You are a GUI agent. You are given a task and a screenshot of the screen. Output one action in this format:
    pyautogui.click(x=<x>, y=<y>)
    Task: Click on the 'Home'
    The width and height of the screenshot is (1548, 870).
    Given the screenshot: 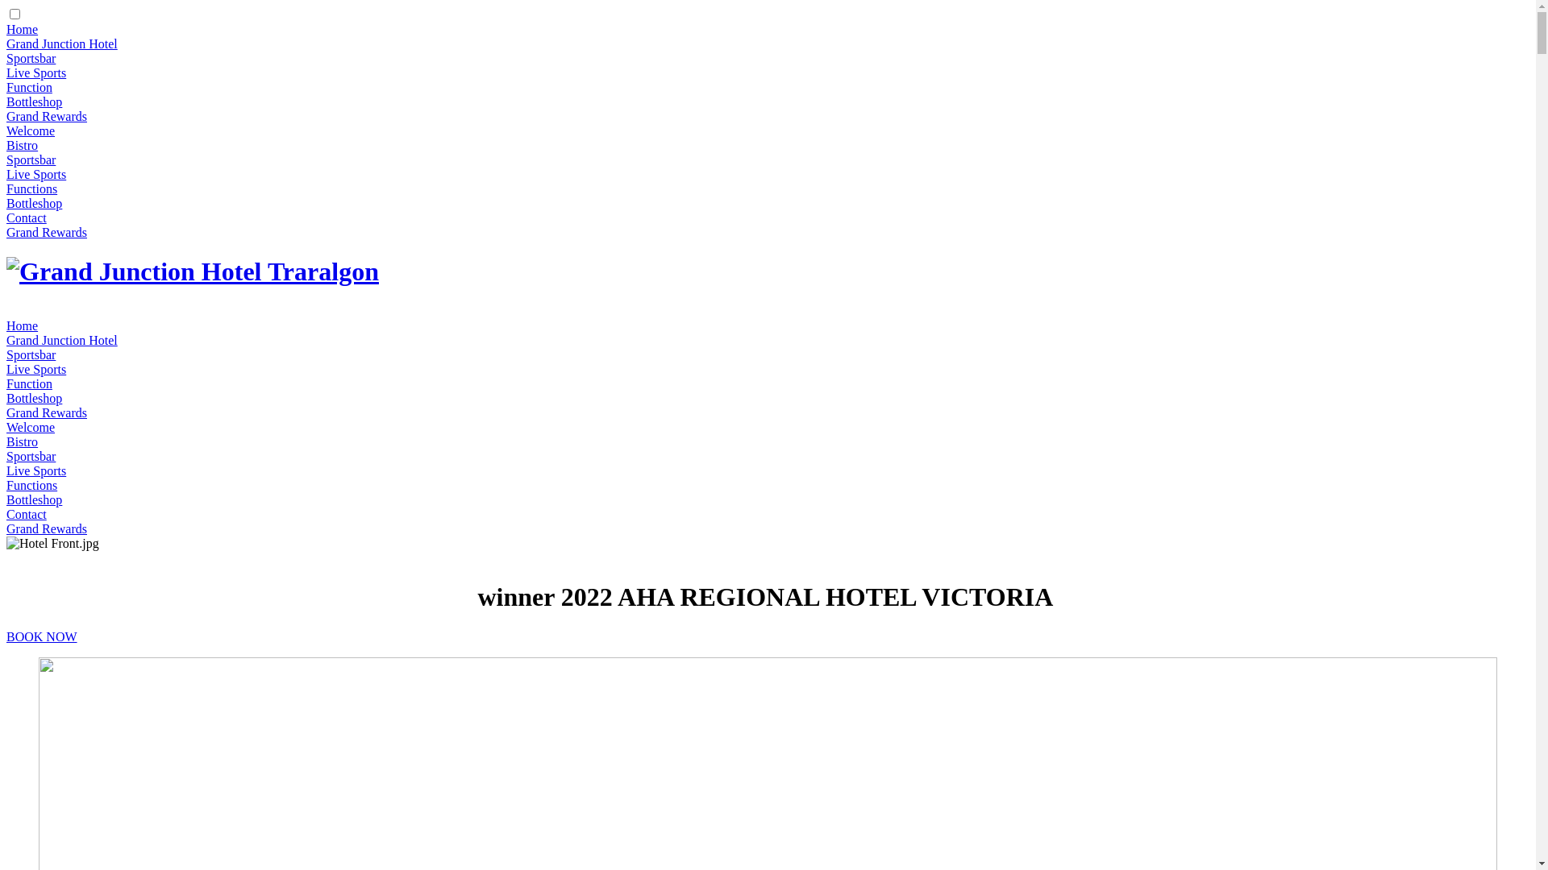 What is the action you would take?
    pyautogui.click(x=22, y=29)
    